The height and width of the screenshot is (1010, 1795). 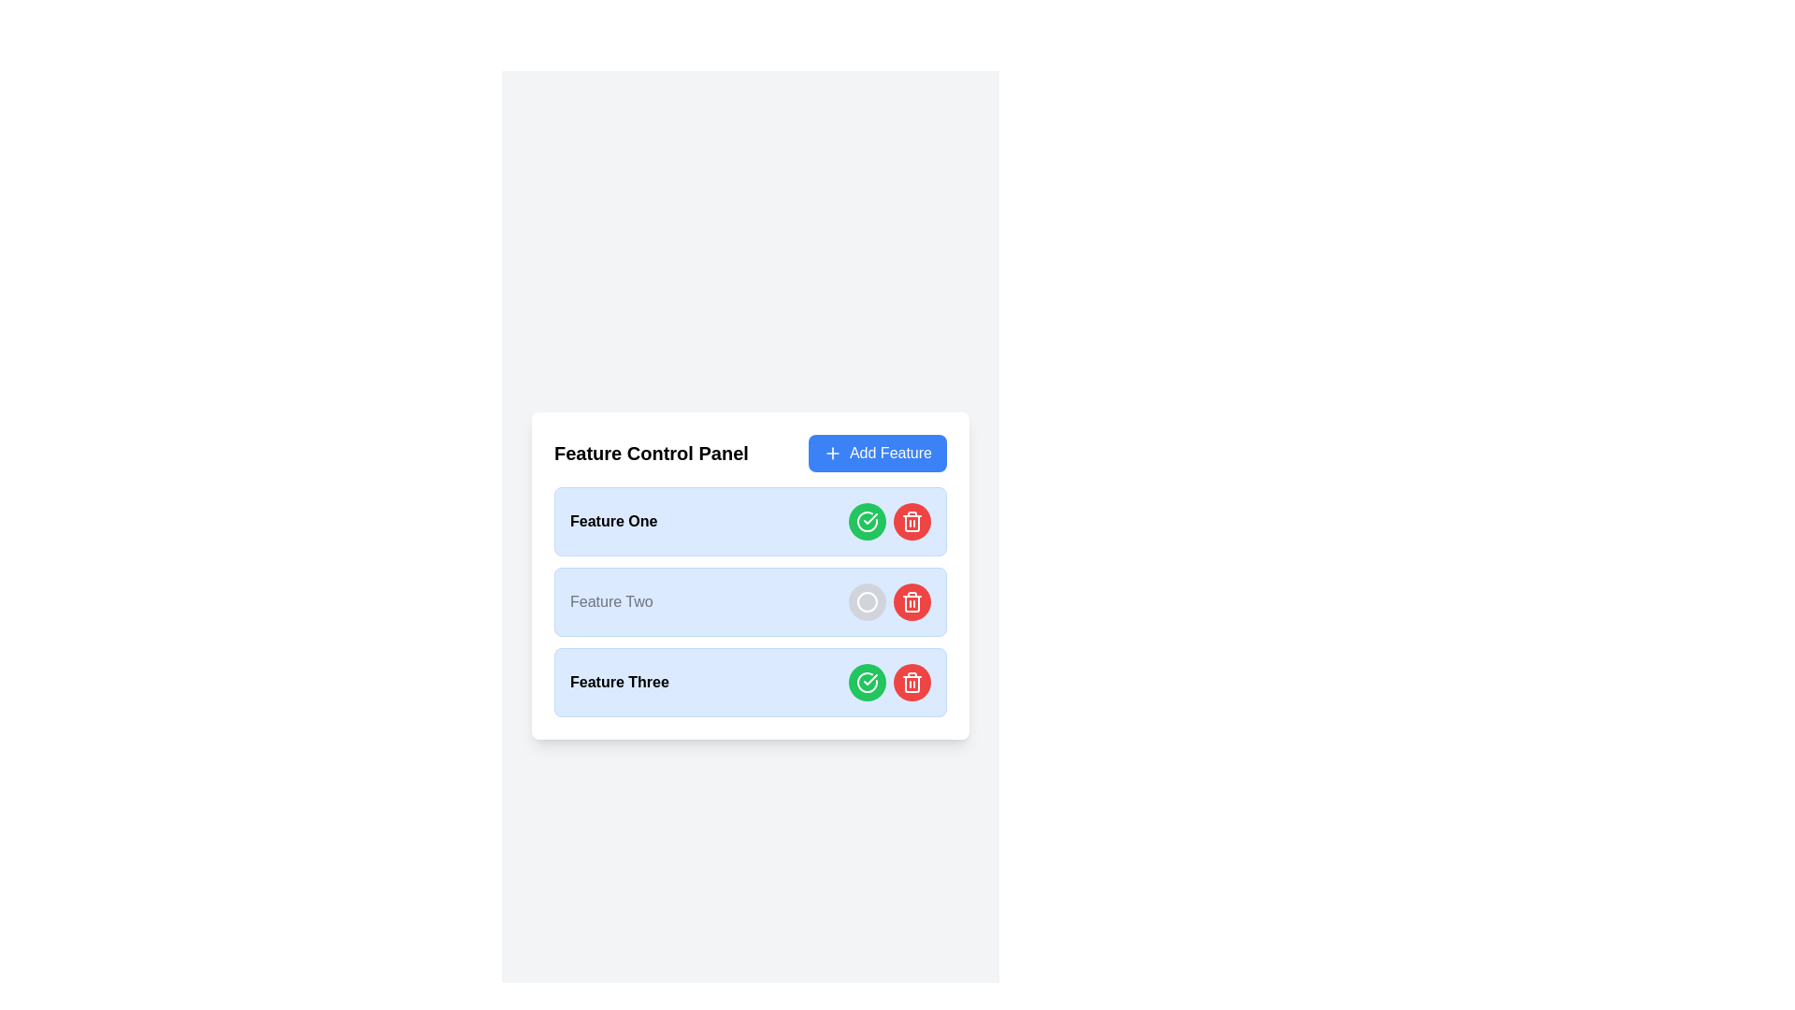 What do you see at coordinates (869, 679) in the screenshot?
I see `the toggle icon located on the right side of the third item in the 'Feature Control Panel'` at bounding box center [869, 679].